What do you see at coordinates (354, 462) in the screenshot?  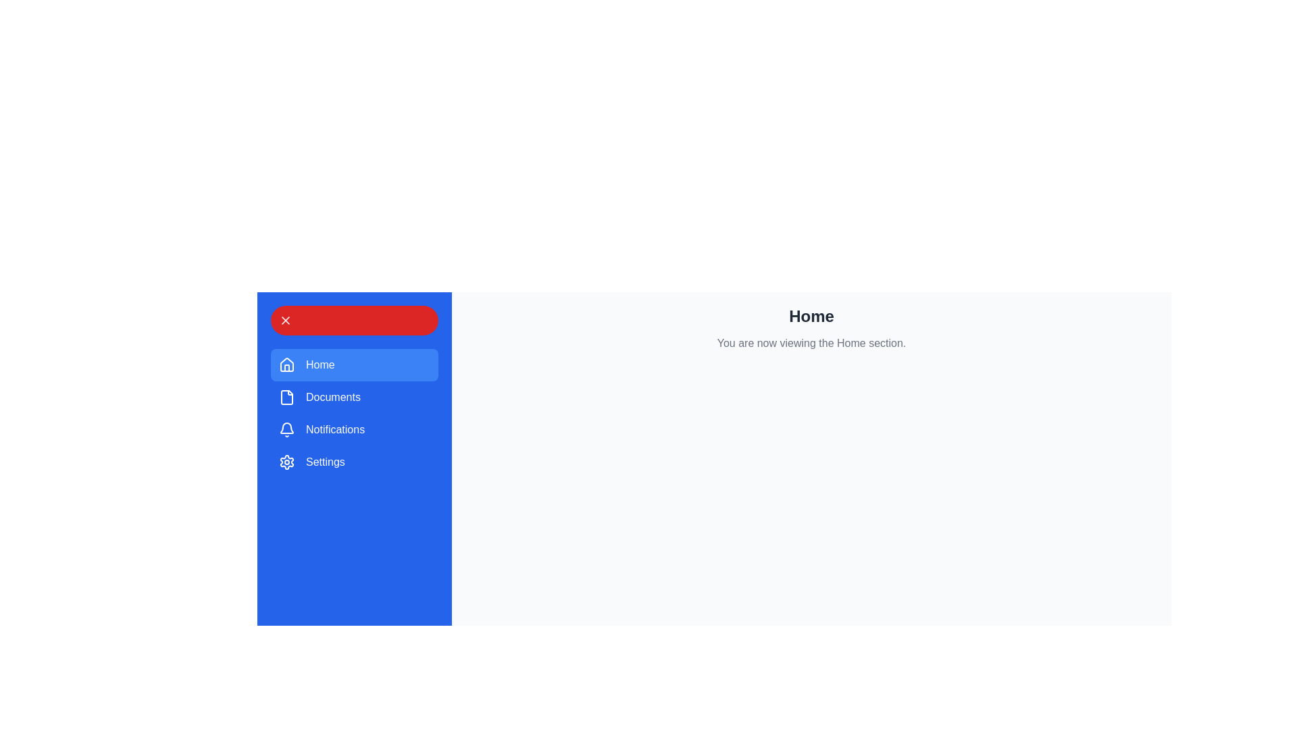 I see `the menu item Settings to observe its visual feedback` at bounding box center [354, 462].